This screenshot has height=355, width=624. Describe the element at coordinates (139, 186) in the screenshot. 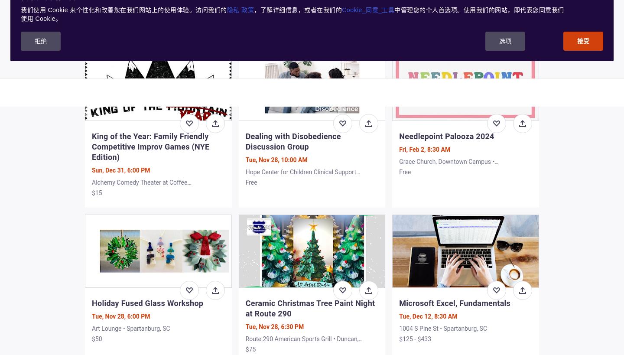

I see `'Alchemy Comedy Theater at Coffee Underground • Greenville, SC'` at that location.